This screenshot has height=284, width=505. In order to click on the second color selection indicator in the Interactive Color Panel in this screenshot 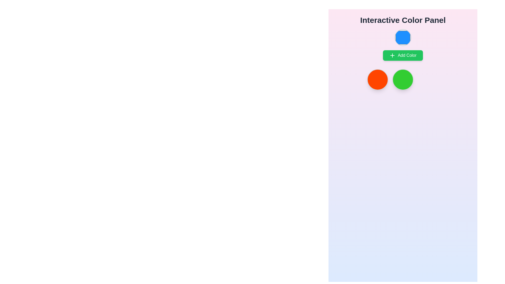, I will do `click(402, 80)`.